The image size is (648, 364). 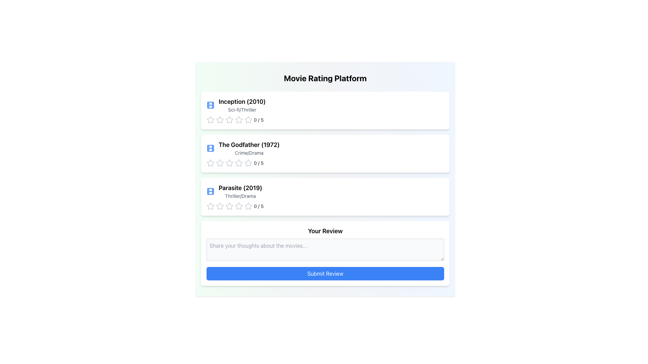 What do you see at coordinates (248, 163) in the screenshot?
I see `the second star-shaped rating button to rate 'The Godfather (1972)' in the movie entry` at bounding box center [248, 163].